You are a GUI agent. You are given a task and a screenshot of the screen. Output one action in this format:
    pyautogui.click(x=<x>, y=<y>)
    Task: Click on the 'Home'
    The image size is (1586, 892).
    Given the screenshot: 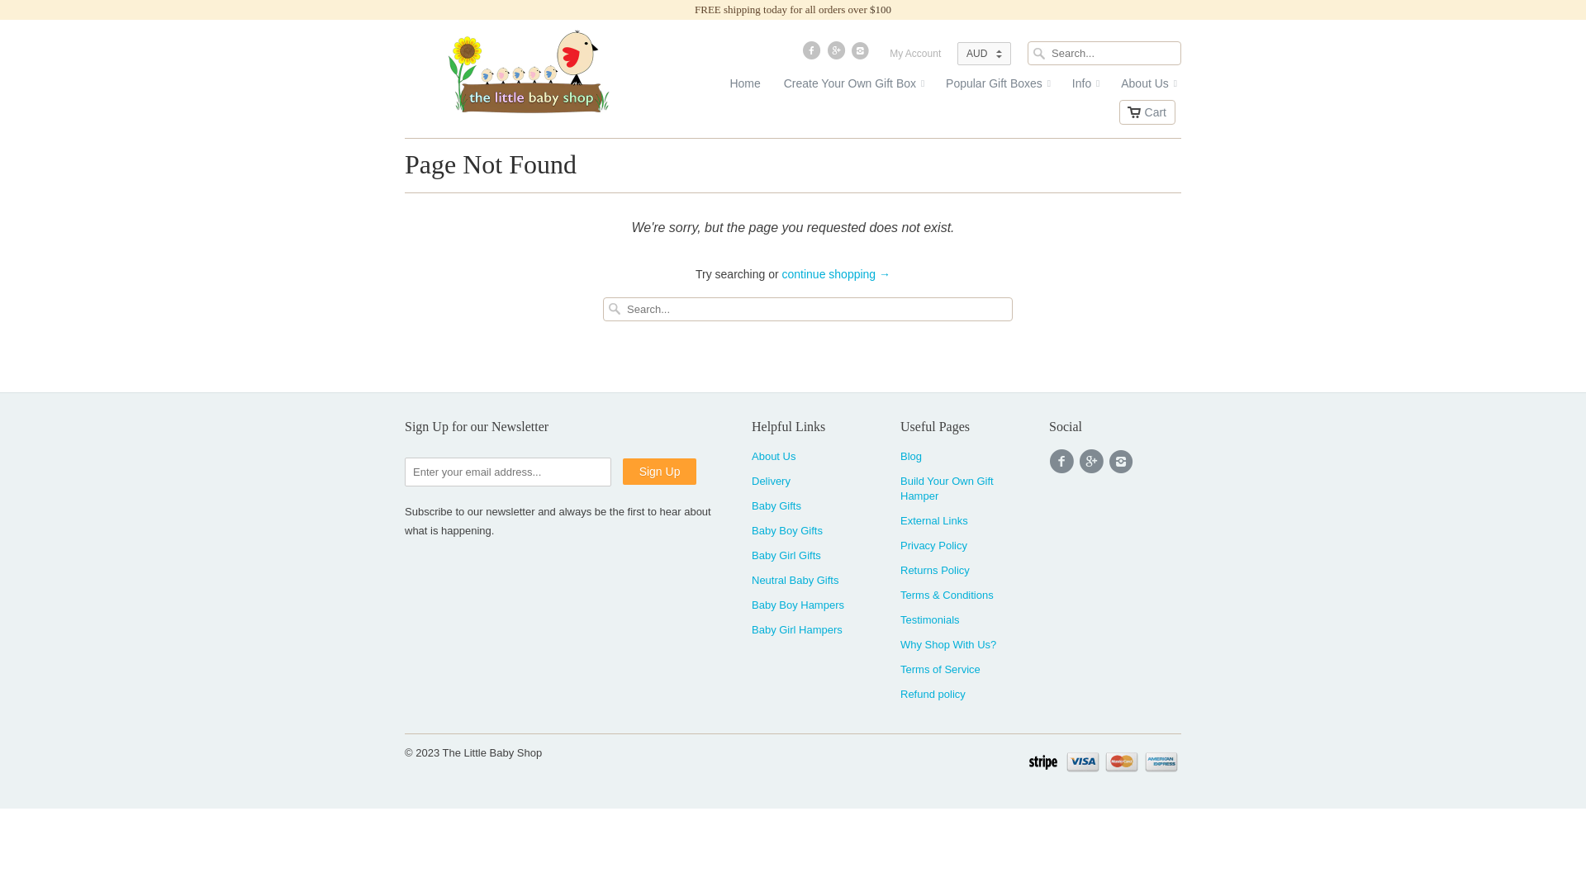 What is the action you would take?
    pyautogui.click(x=721, y=87)
    